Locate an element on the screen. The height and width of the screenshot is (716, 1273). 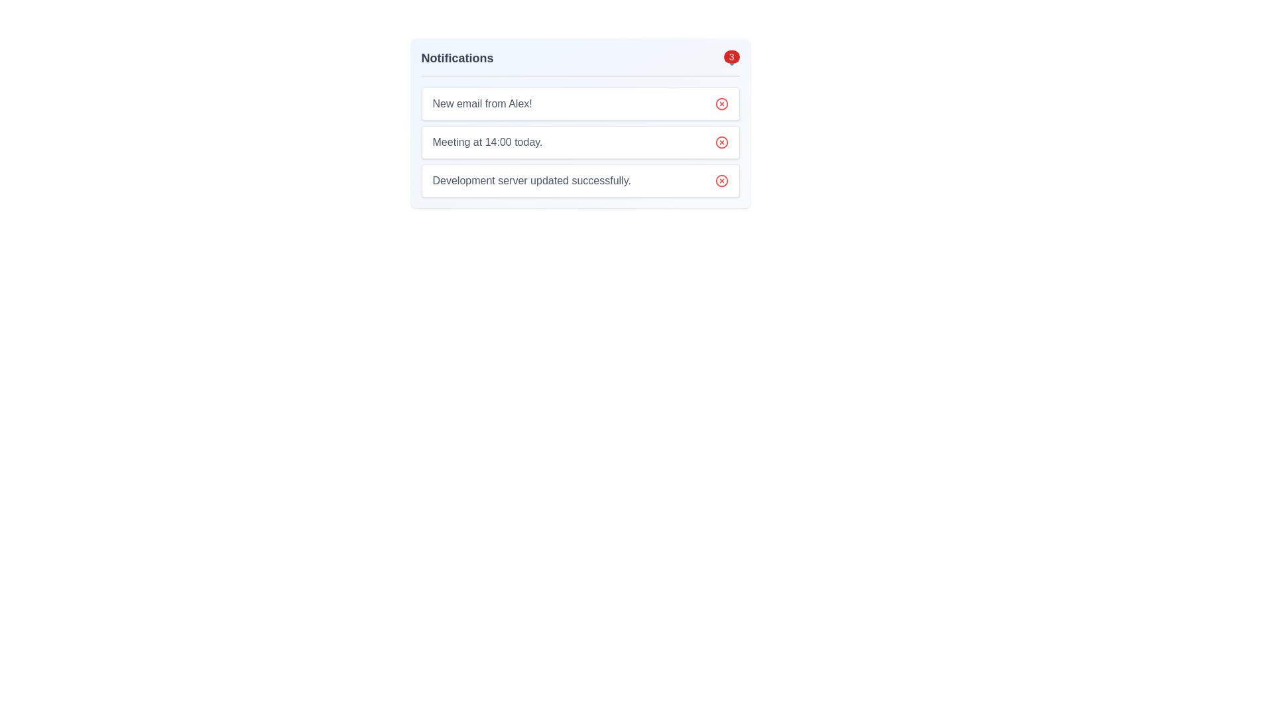
second notification in the 'Notifications' card, which displays 'Meeting at 14:00 today.' is located at coordinates (580, 143).